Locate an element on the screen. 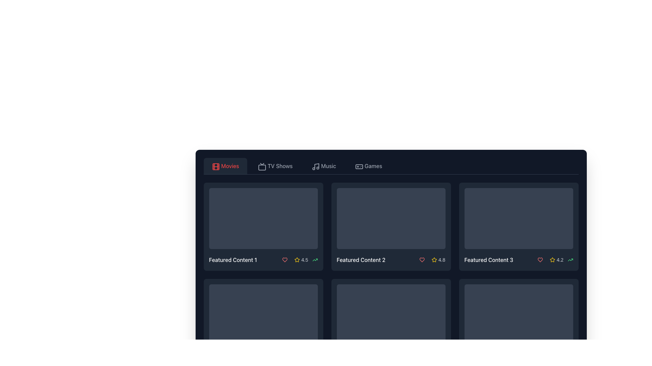 Image resolution: width=652 pixels, height=366 pixels. the 'Like' or 'Favorite' icon button located to the left of the '4.2' rating text and to the right of the 'Featured Content 3' title is located at coordinates (540, 260).